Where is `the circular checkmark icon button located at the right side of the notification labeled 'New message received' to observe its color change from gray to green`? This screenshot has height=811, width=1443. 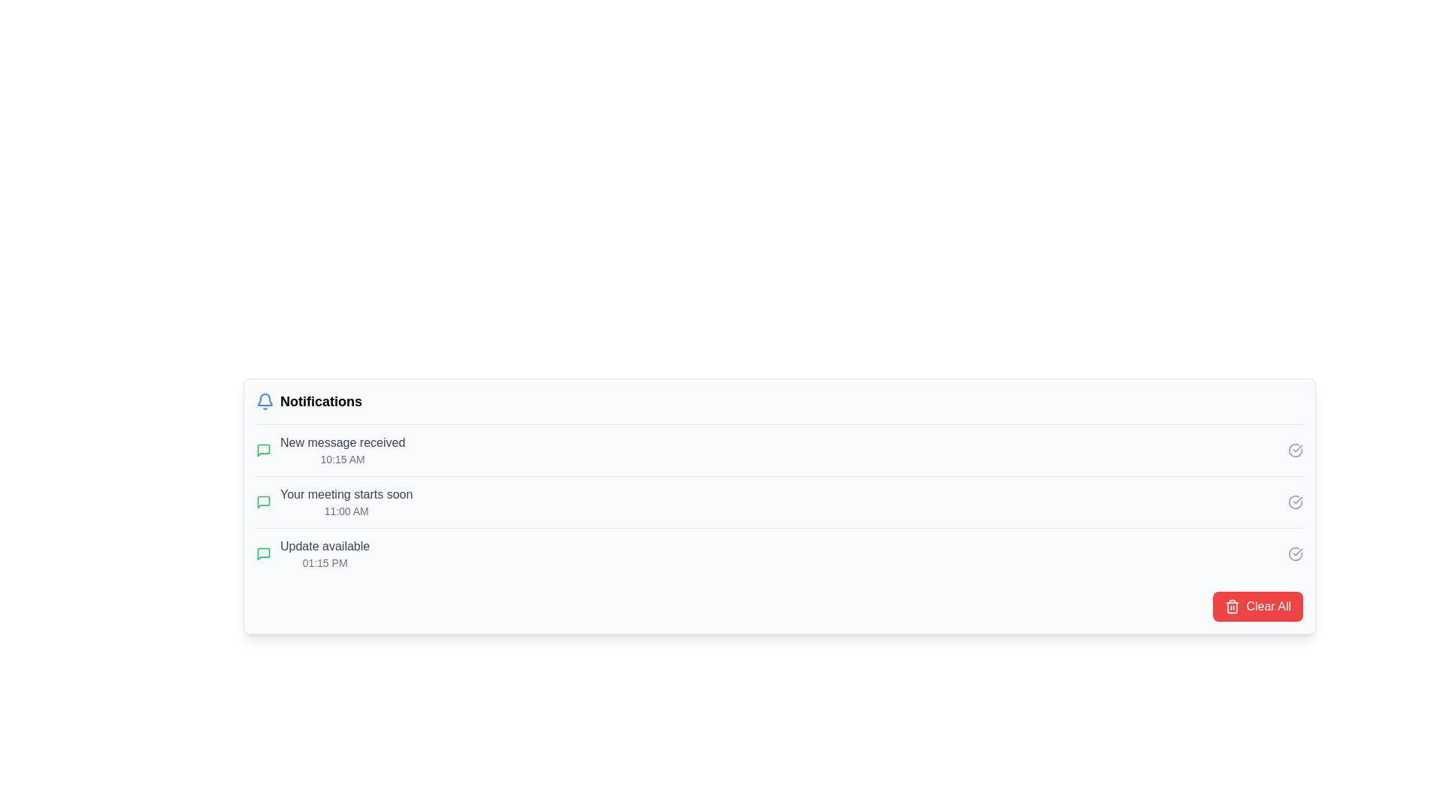
the circular checkmark icon button located at the right side of the notification labeled 'New message received' to observe its color change from gray to green is located at coordinates (1294, 450).